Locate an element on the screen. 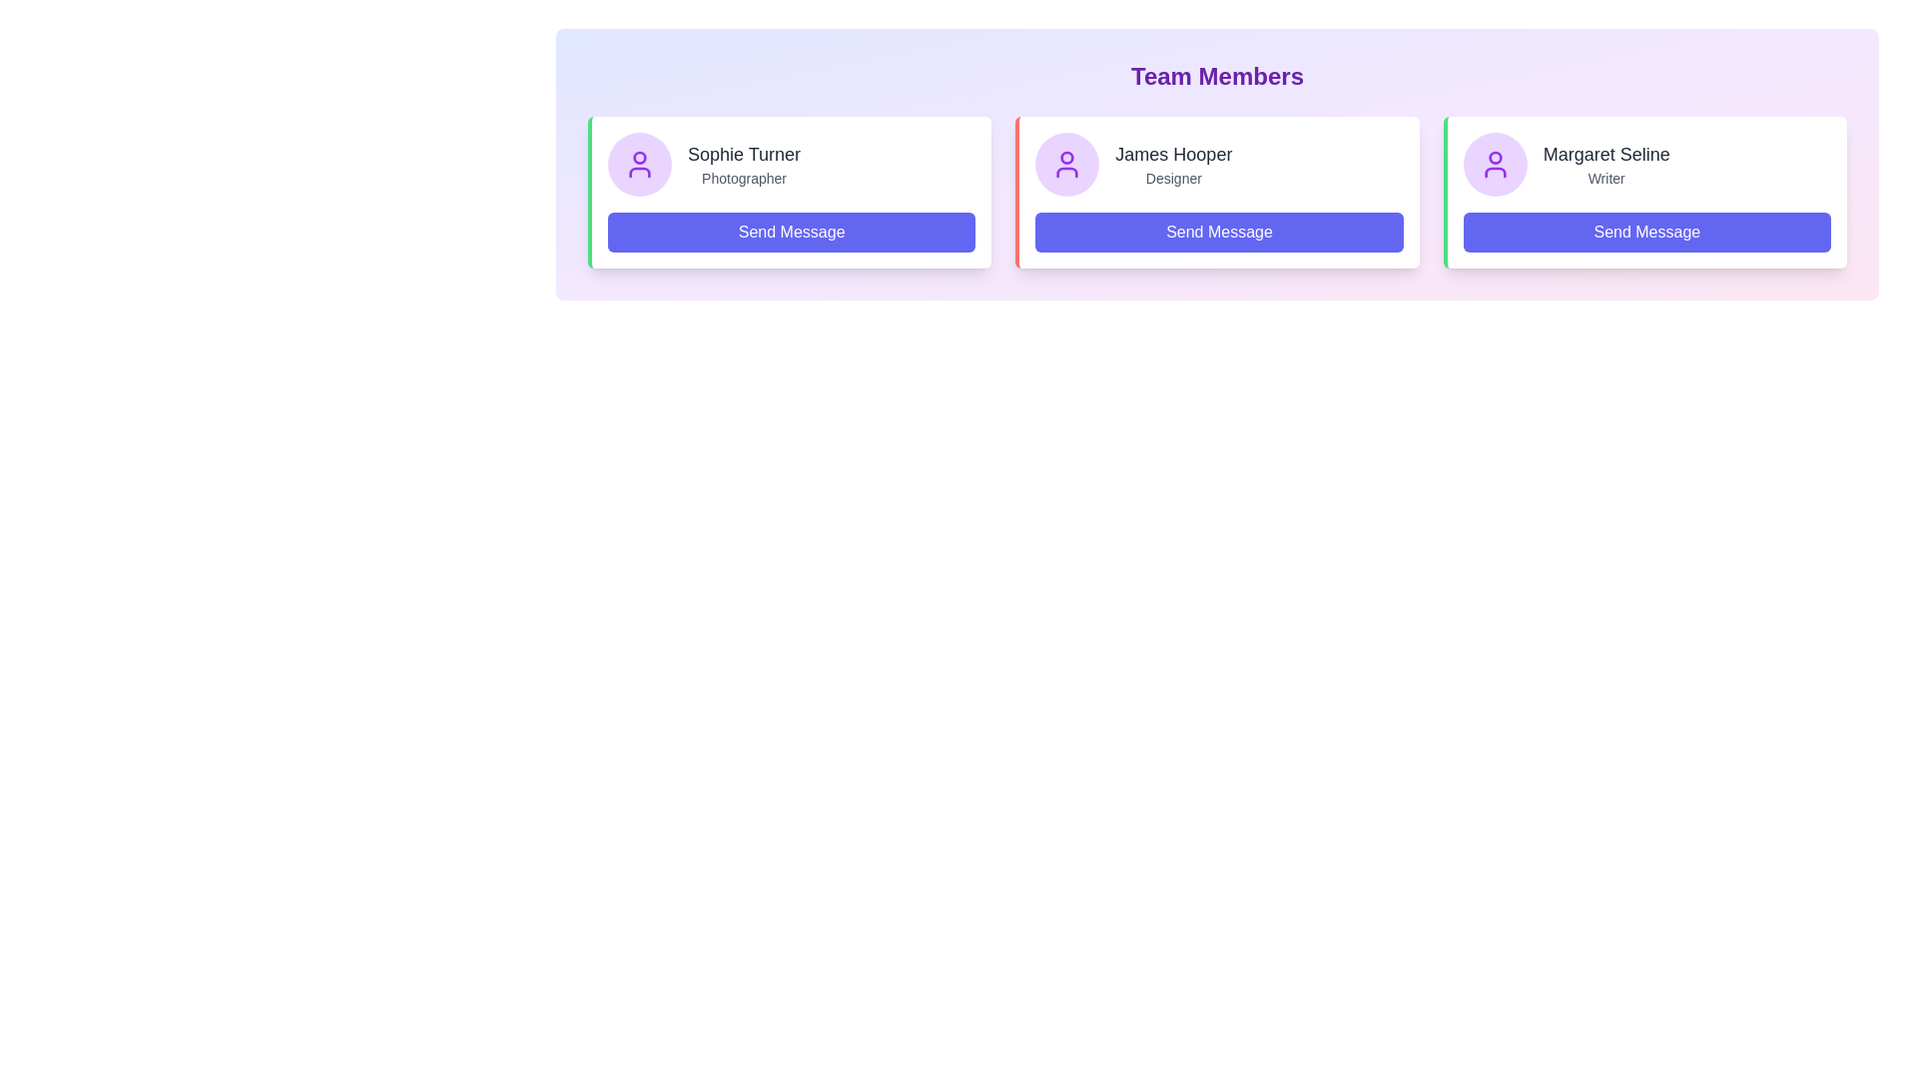 The height and width of the screenshot is (1078, 1917). the text block that contains the name 'Margaret Seline' and the title 'Writer', located in the third team member card is located at coordinates (1606, 164).